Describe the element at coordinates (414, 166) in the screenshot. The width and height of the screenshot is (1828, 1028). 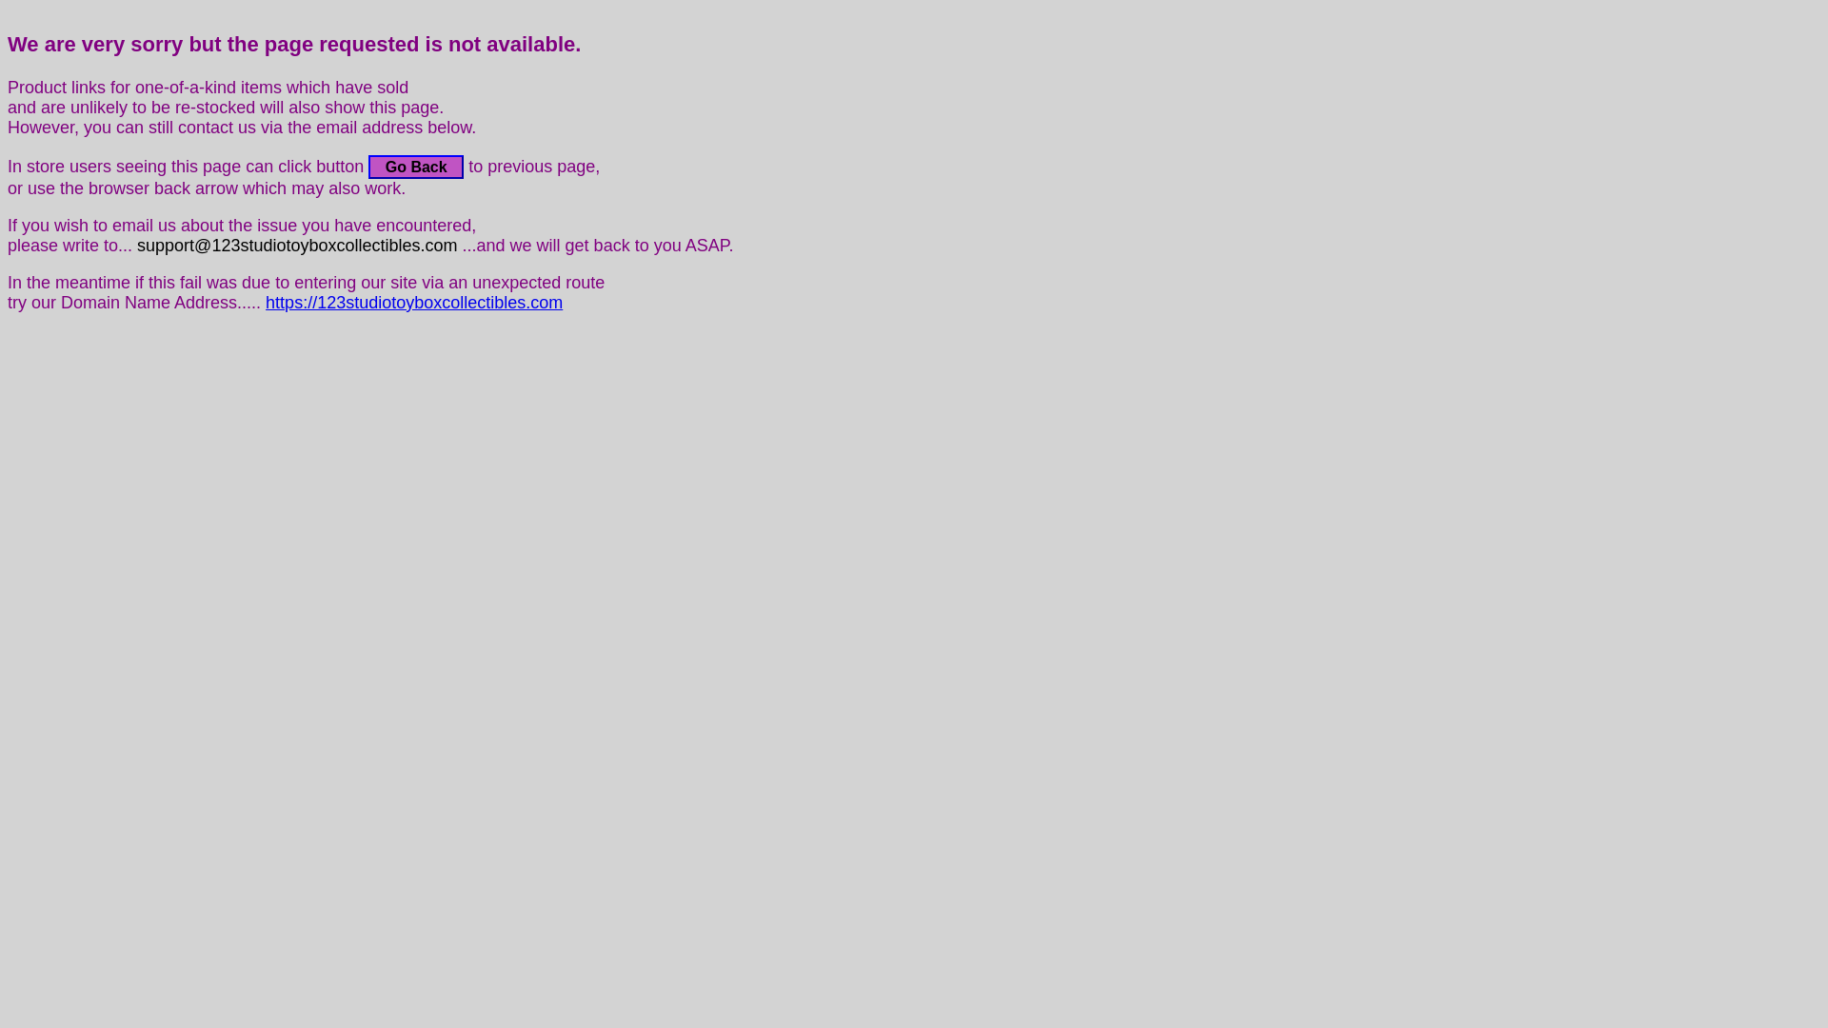
I see `'Go Back'` at that location.